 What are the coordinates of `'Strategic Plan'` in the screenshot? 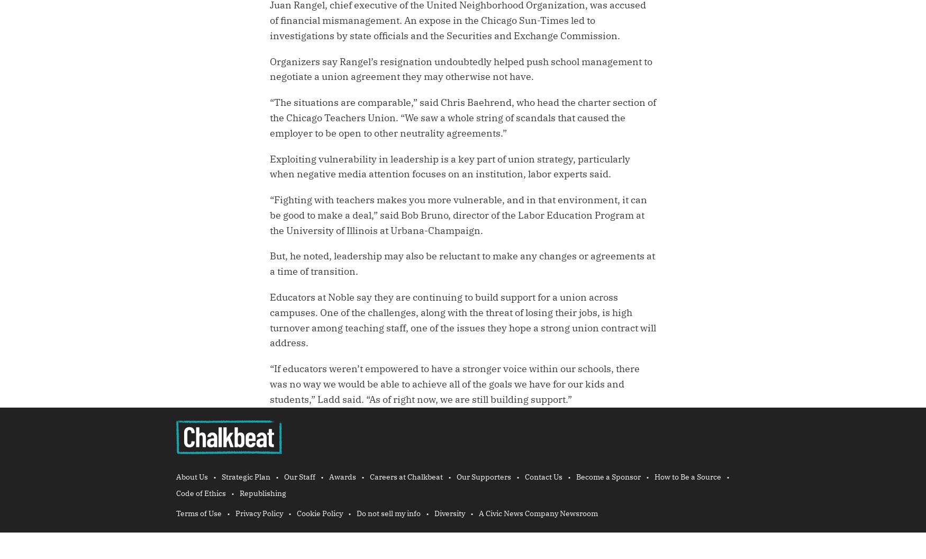 It's located at (246, 476).